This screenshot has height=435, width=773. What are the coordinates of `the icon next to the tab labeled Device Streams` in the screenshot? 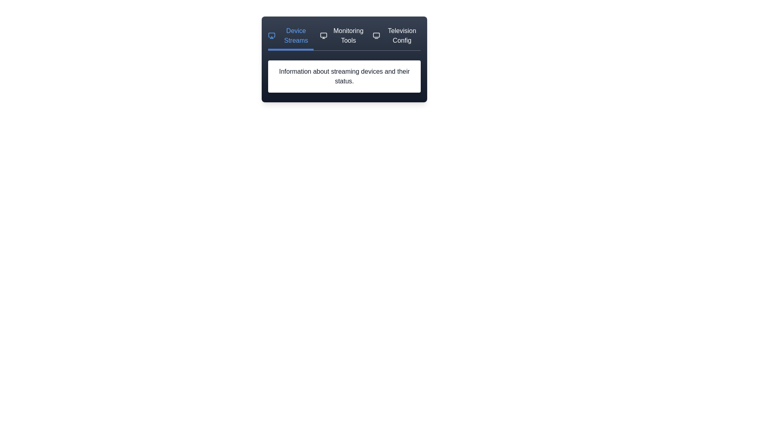 It's located at (272, 35).